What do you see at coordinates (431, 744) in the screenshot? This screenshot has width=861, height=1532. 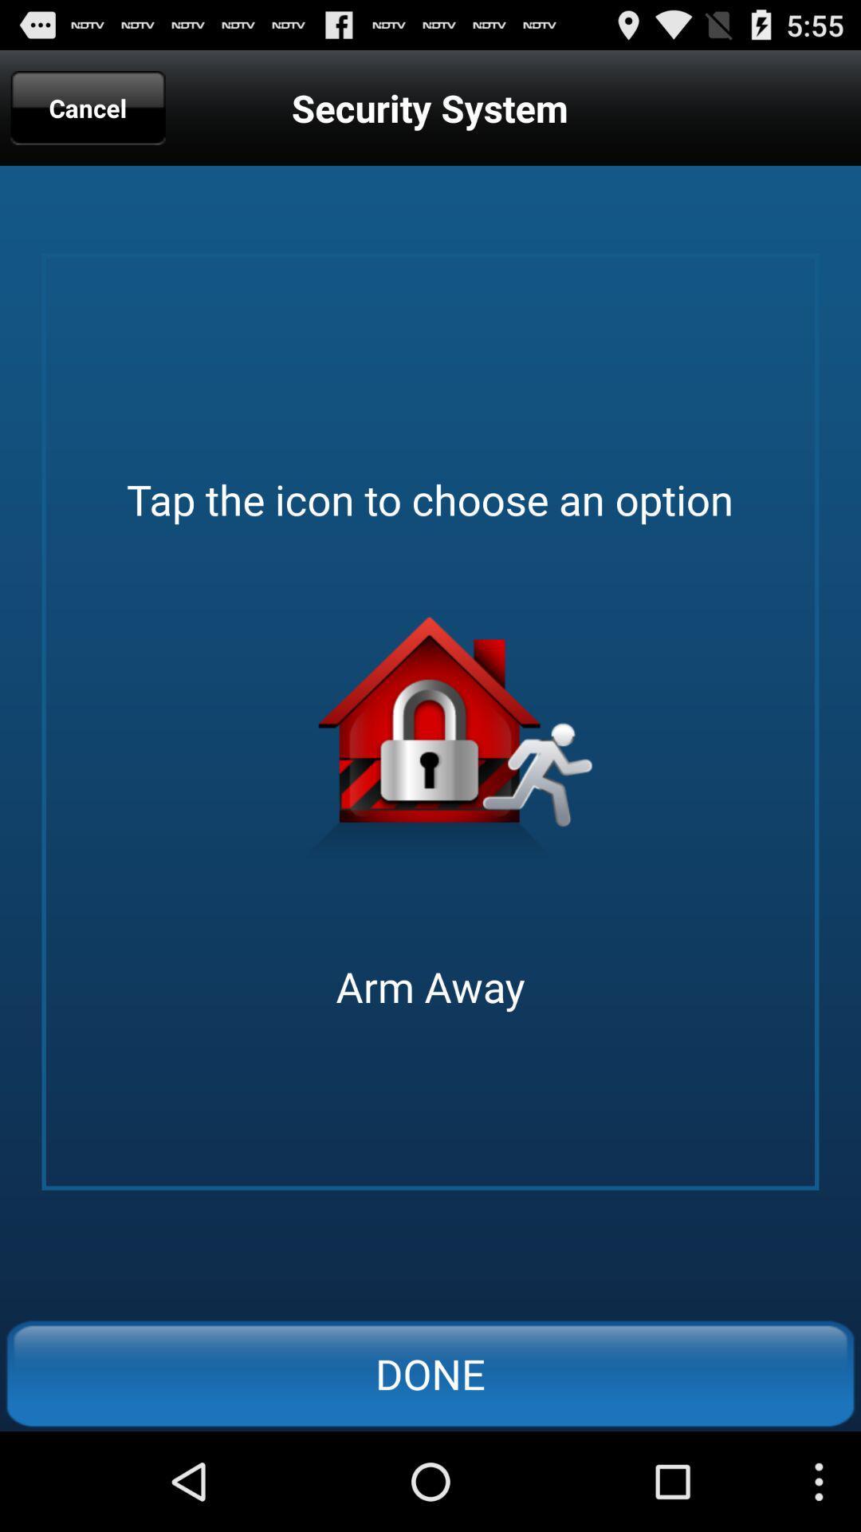 I see `options` at bounding box center [431, 744].